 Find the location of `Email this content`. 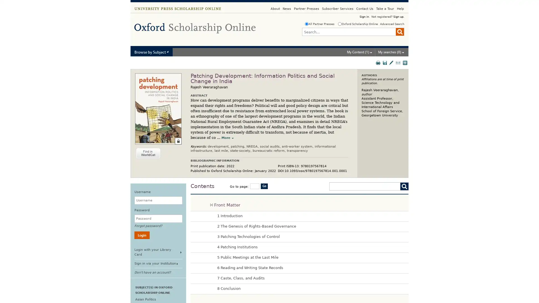

Email this content is located at coordinates (398, 63).